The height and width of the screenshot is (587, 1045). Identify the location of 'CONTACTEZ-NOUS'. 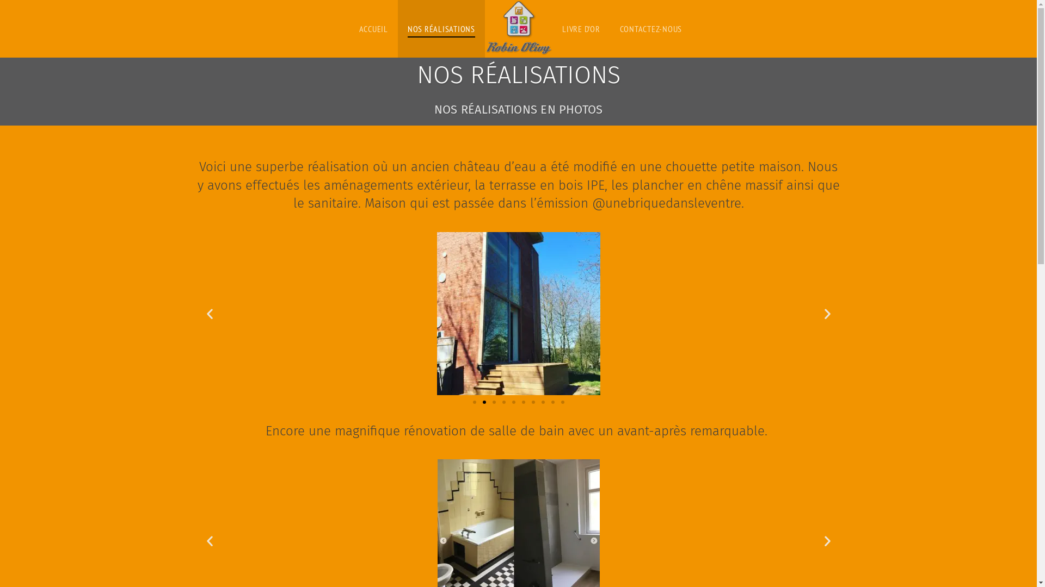
(651, 28).